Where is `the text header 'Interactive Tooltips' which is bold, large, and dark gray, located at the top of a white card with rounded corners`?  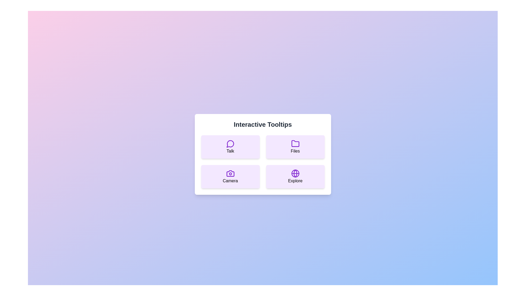
the text header 'Interactive Tooltips' which is bold, large, and dark gray, located at the top of a white card with rounded corners is located at coordinates (263, 125).